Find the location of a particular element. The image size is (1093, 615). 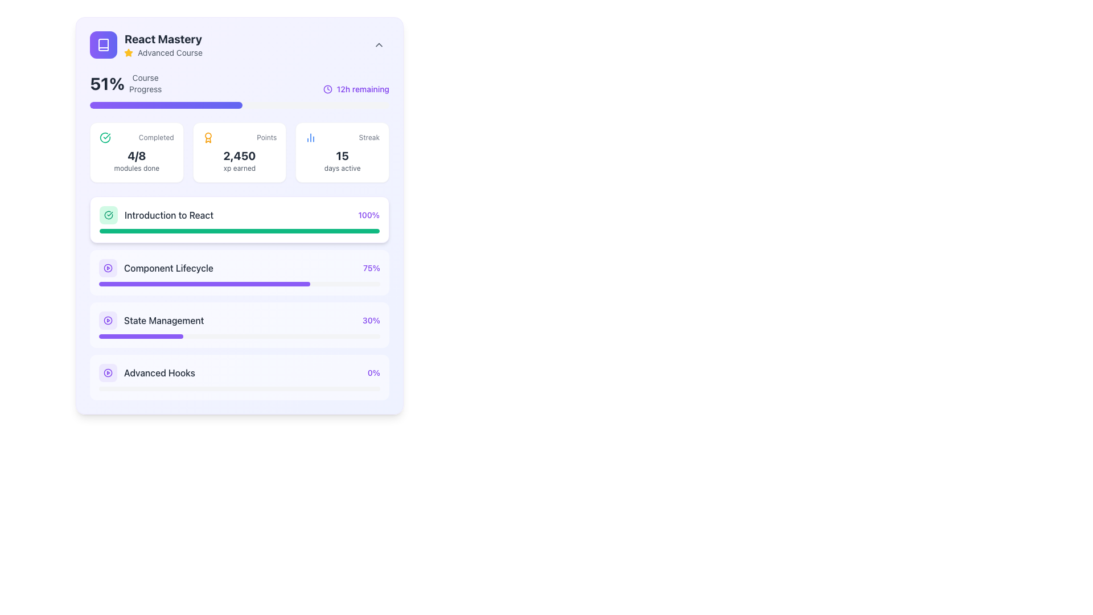

the text label that displays 'Course' above 'Progress', styled in a smaller font size and lighter gray color, located in the top-left quadrant of the card interface is located at coordinates (145, 83).